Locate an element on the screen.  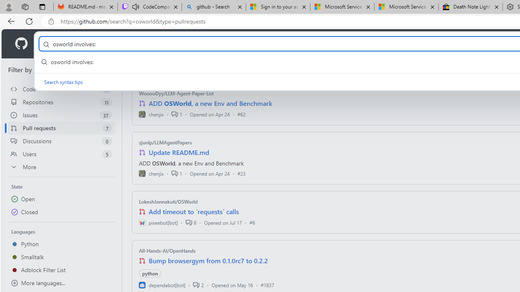
'pixeebot[bot]' is located at coordinates (158, 222).